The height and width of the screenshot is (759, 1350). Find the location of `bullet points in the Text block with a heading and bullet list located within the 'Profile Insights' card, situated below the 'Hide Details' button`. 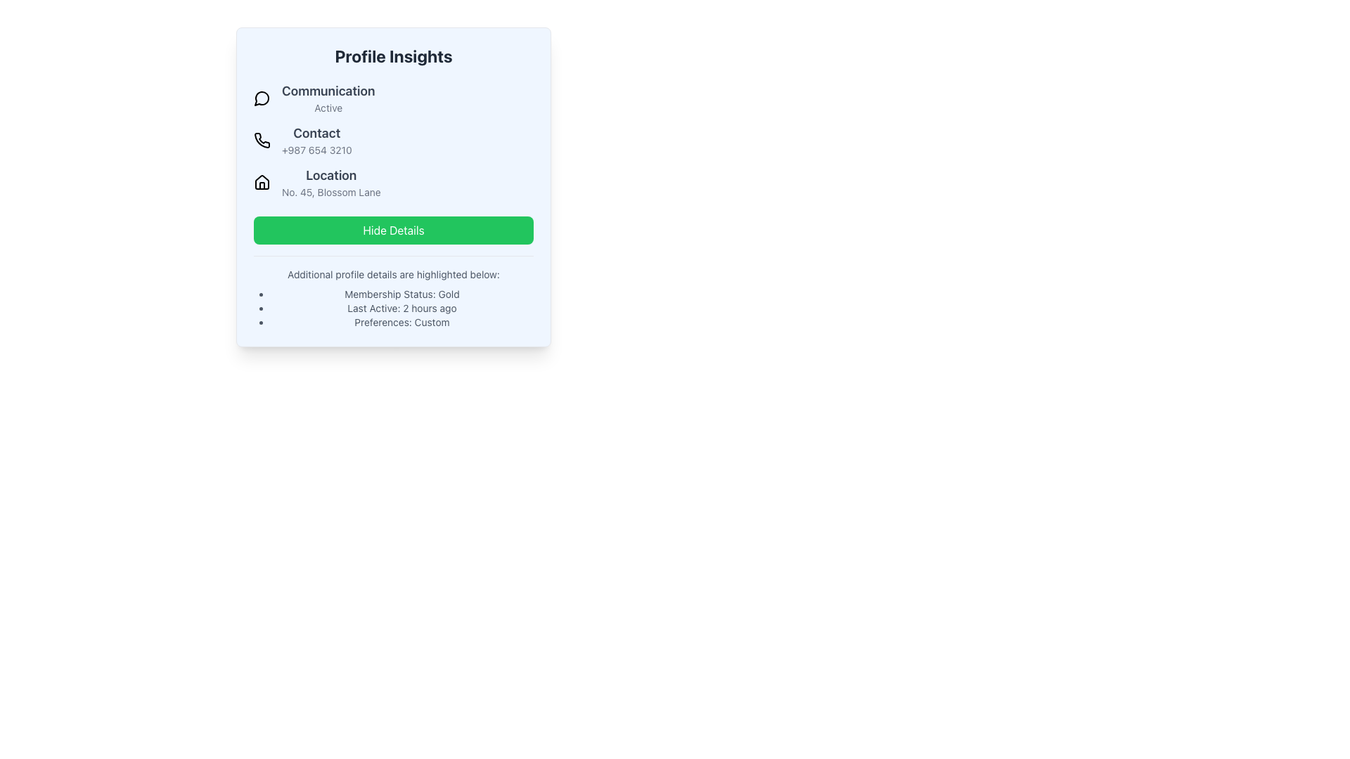

bullet points in the Text block with a heading and bullet list located within the 'Profile Insights' card, situated below the 'Hide Details' button is located at coordinates (394, 292).